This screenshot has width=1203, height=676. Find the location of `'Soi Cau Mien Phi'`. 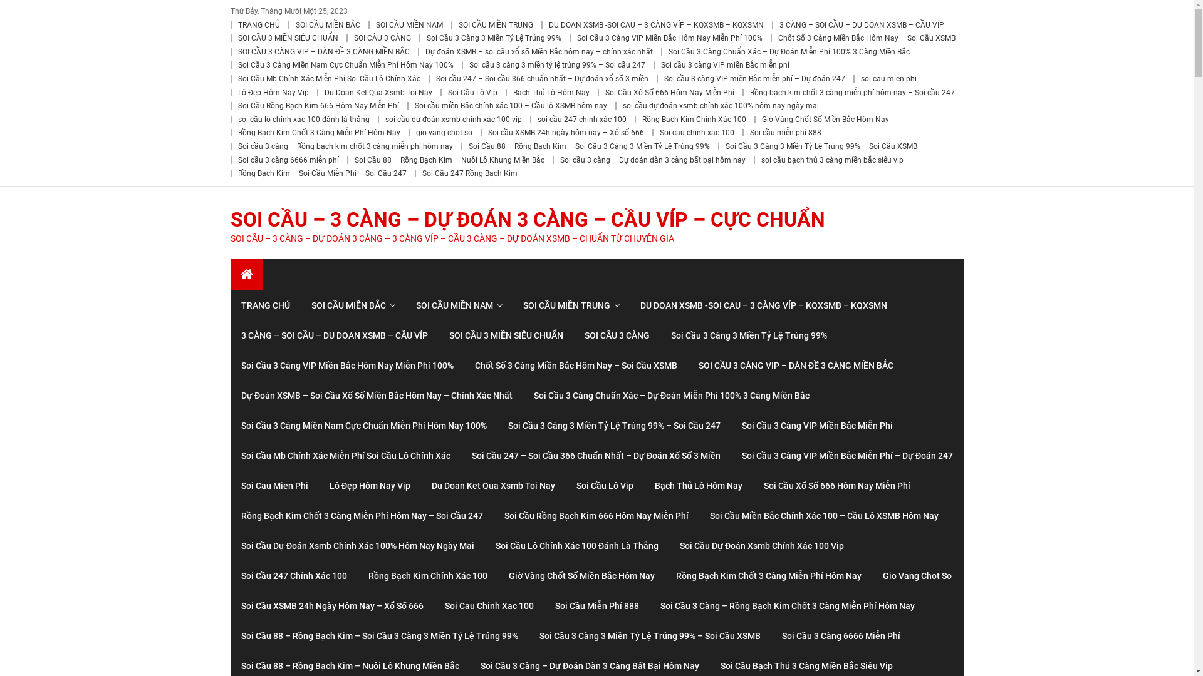

'Soi Cau Mien Phi' is located at coordinates (274, 484).